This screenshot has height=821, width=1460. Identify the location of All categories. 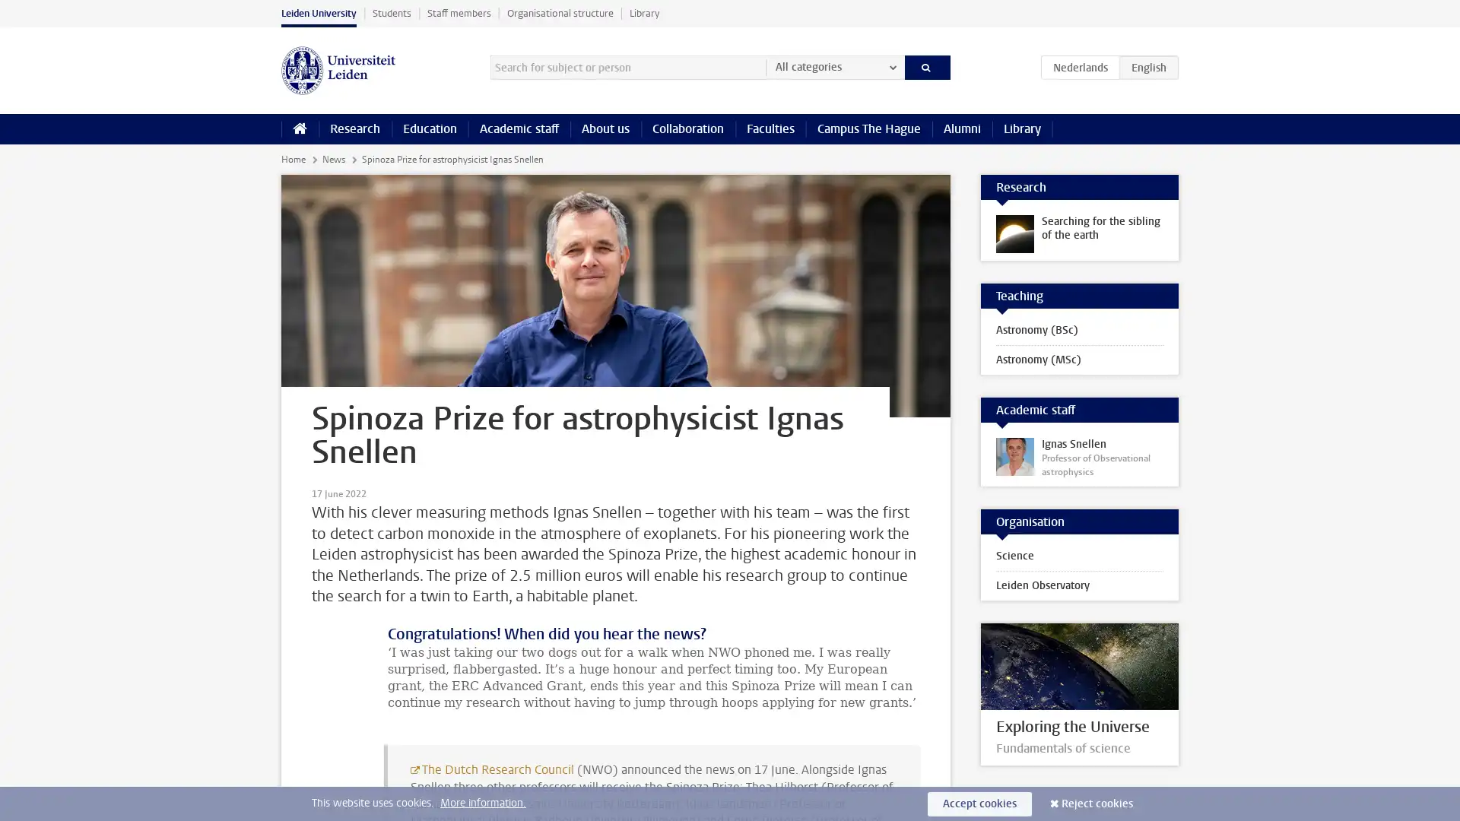
(834, 66).